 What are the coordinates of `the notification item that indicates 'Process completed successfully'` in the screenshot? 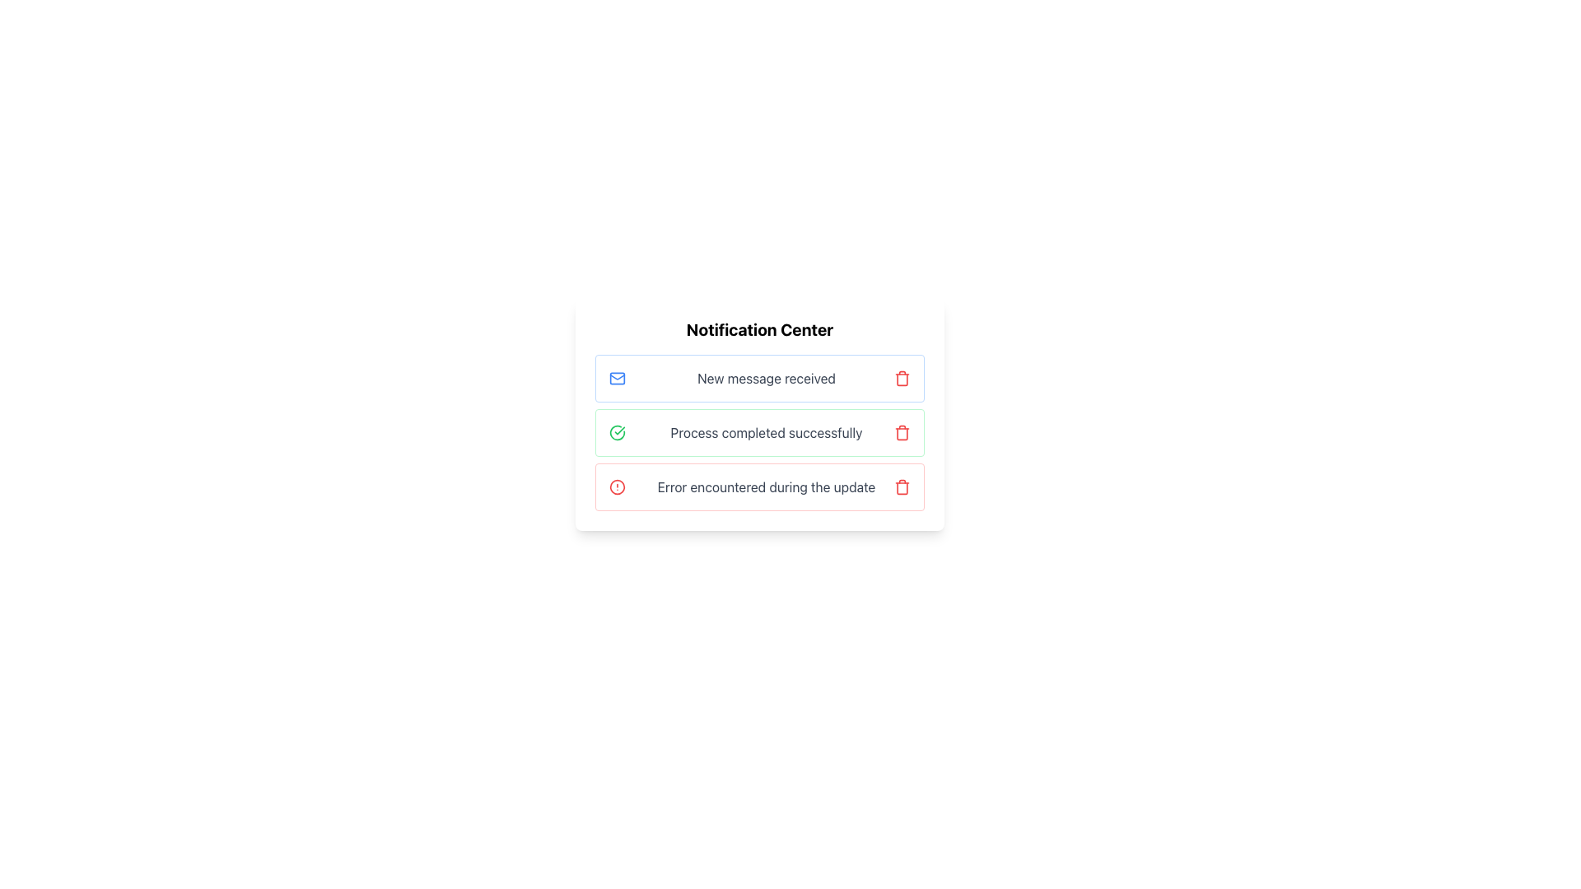 It's located at (758, 431).